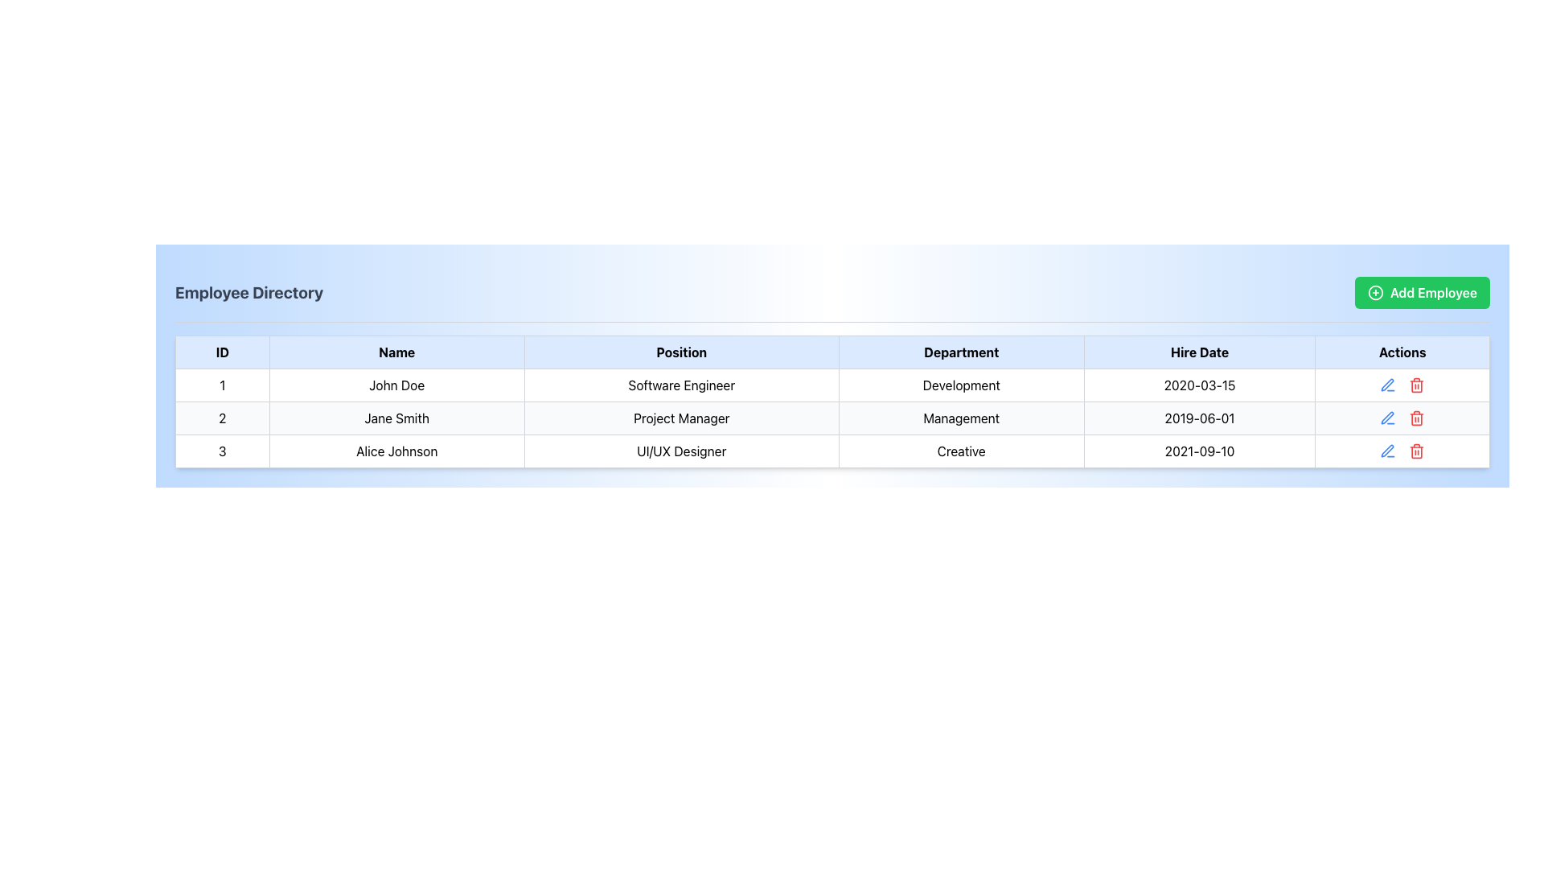  What do you see at coordinates (1402, 385) in the screenshot?
I see `the red delete icon in the 'Actions' column of the first row for employee 'John Doe'` at bounding box center [1402, 385].